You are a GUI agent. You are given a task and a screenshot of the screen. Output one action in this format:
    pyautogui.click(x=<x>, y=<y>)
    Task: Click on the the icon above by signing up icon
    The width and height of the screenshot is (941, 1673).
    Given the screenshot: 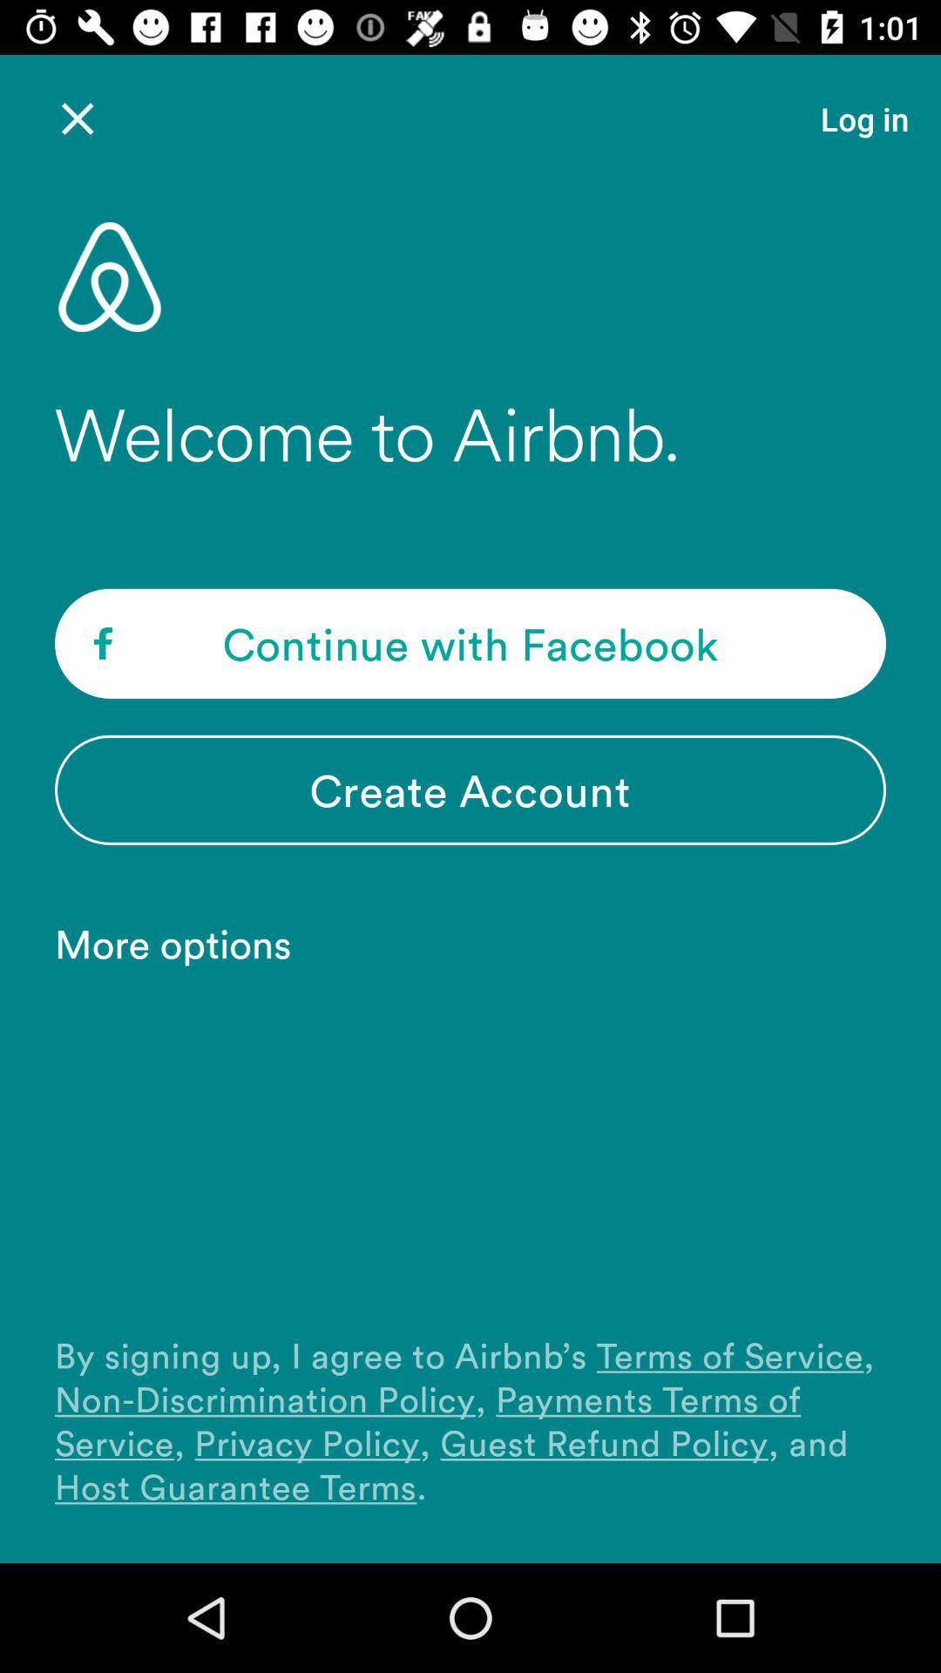 What is the action you would take?
    pyautogui.click(x=182, y=942)
    